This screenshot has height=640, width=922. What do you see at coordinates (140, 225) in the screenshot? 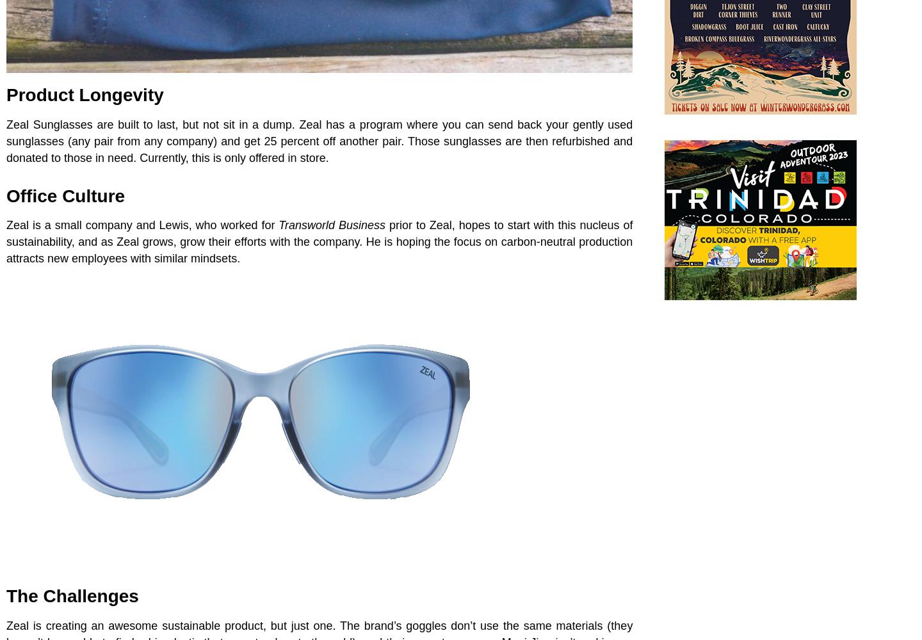
I see `'Zeal is a small company and Lewis, who worked for'` at bounding box center [140, 225].